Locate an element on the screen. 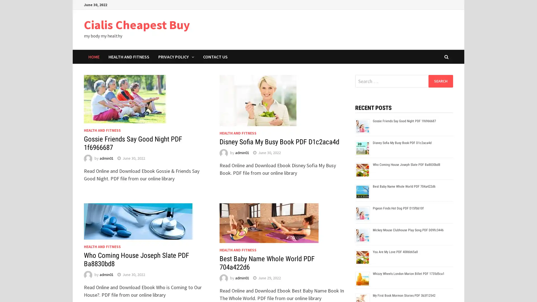 This screenshot has width=537, height=302. Search is located at coordinates (440, 81).